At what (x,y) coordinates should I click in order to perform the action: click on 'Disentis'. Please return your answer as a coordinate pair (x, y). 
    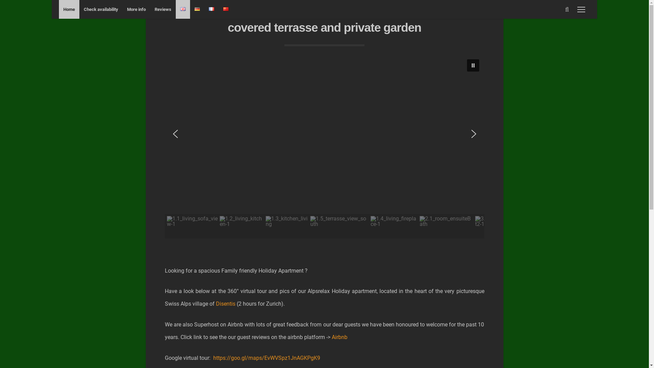
    Looking at the image, I should click on (225, 303).